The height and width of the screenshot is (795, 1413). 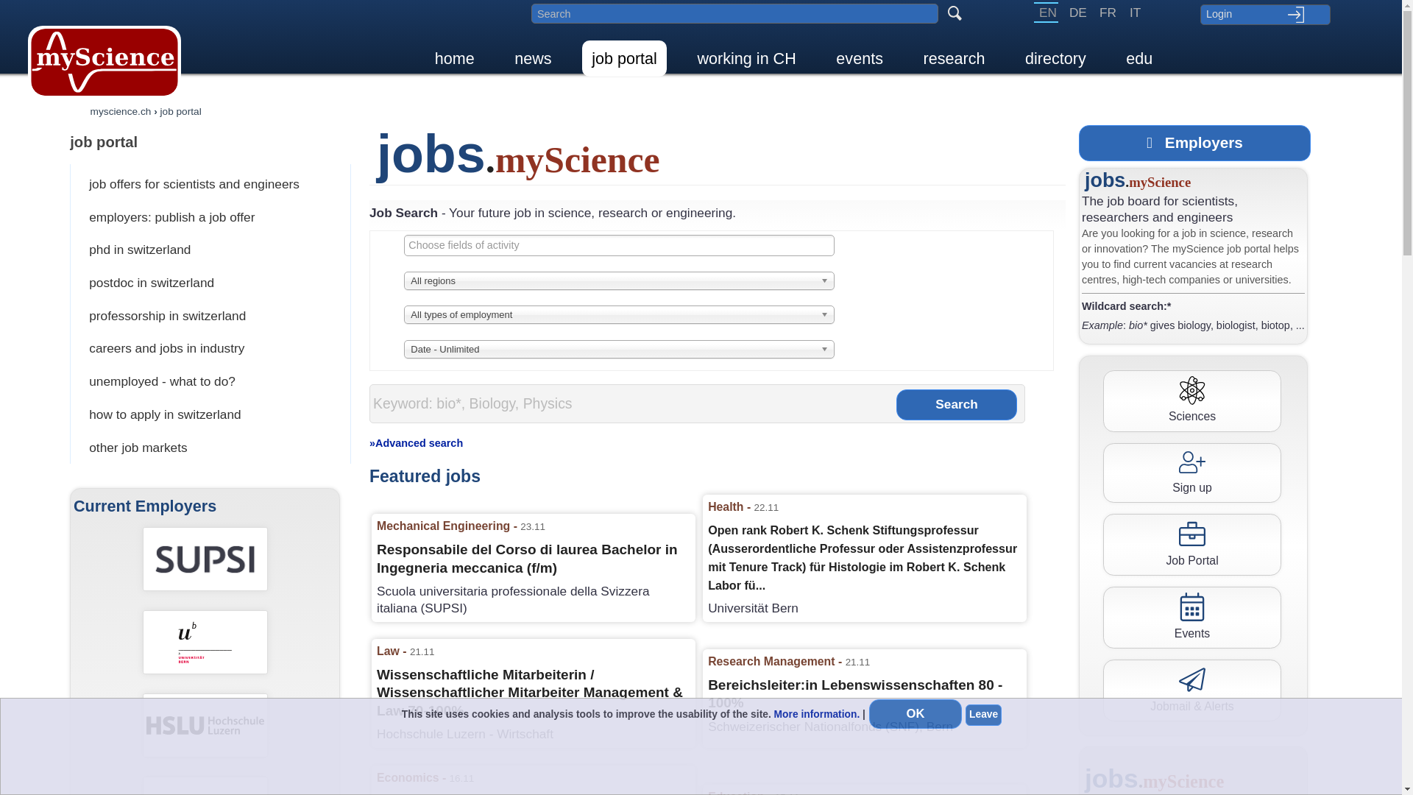 What do you see at coordinates (1192, 618) in the screenshot?
I see `'Events'` at bounding box center [1192, 618].